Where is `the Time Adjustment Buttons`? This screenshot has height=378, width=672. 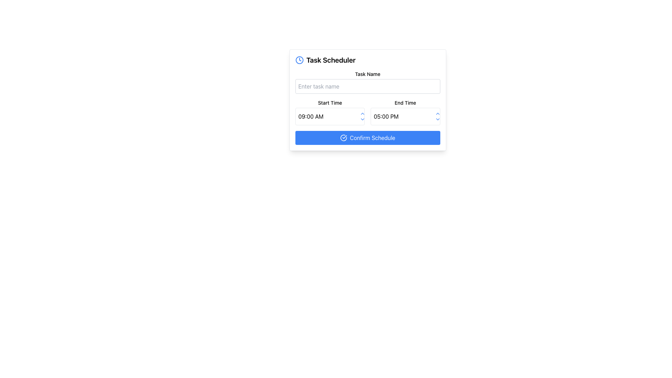
the Time Adjustment Buttons is located at coordinates (437, 116).